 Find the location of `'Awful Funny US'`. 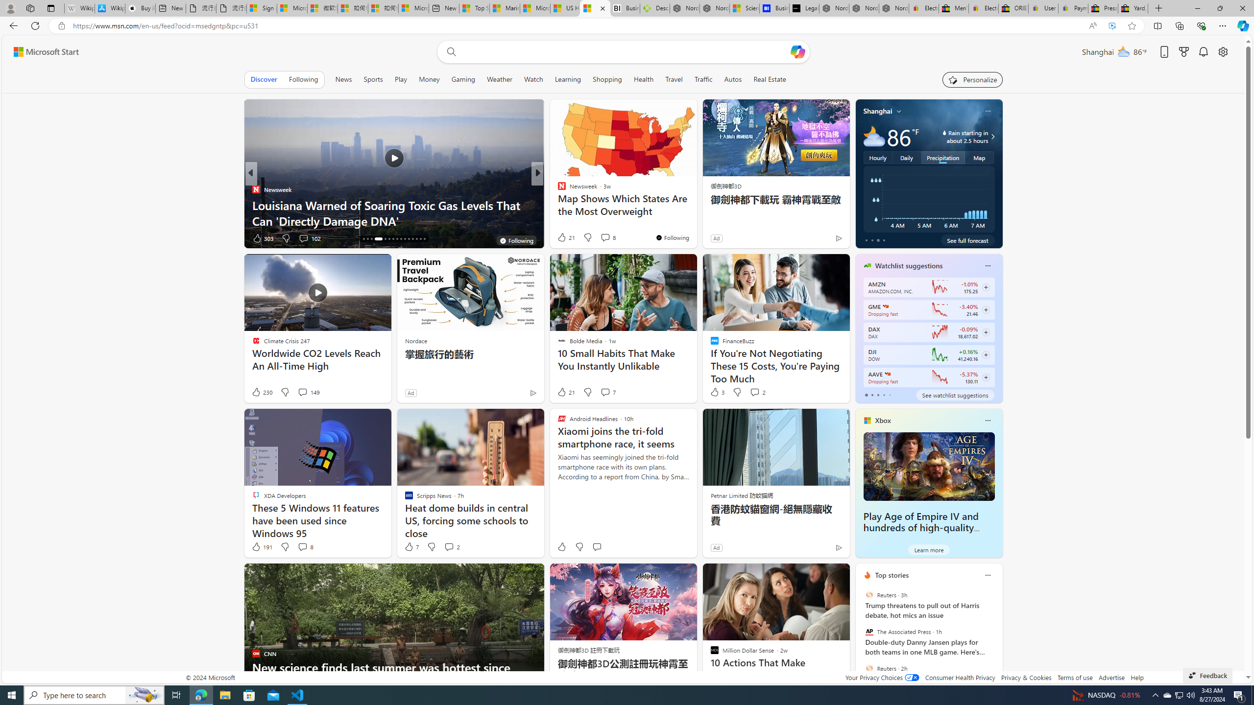

'Awful Funny US' is located at coordinates (557, 205).